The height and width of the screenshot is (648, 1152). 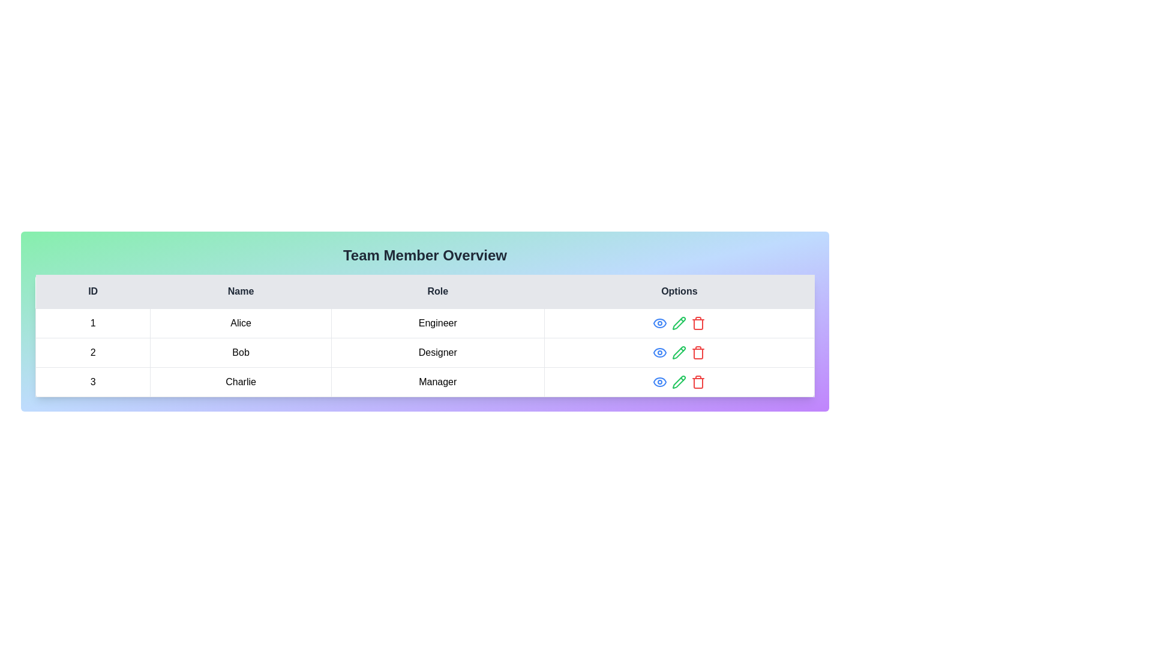 I want to click on the row corresponding to 1, so click(x=425, y=323).